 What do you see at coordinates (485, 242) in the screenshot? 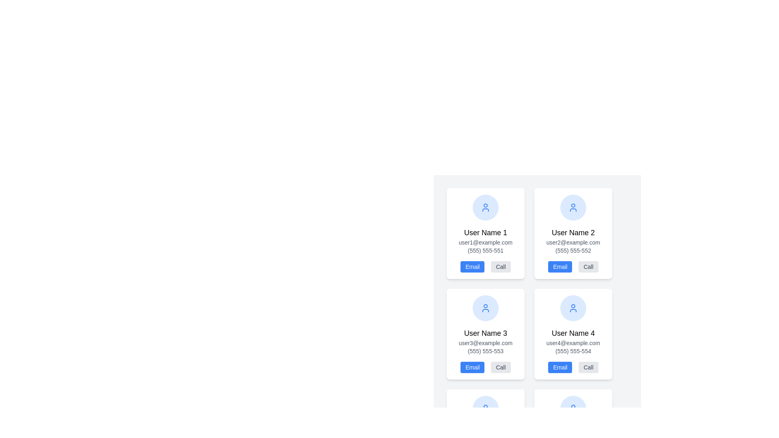
I see `the static text display that shows the user's email address, positioned below 'User Name 1' and above '(555) 555-551' in the user card` at bounding box center [485, 242].